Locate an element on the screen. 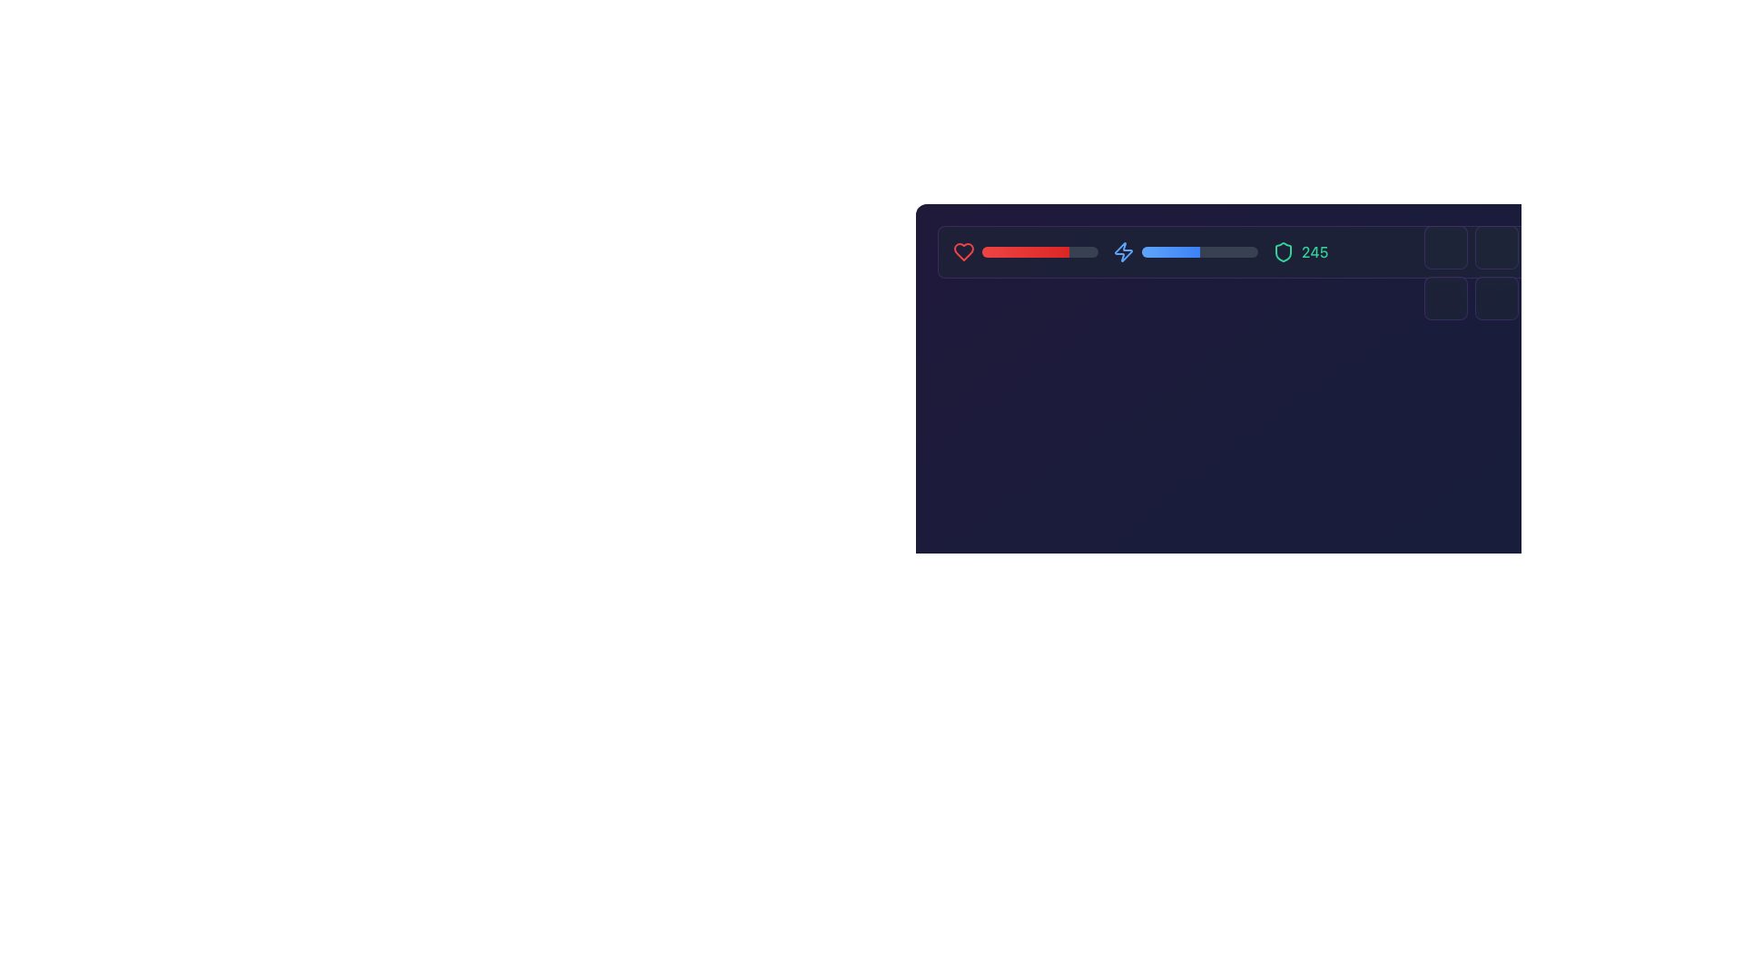 This screenshot has width=1743, height=980. the health bar value is located at coordinates (1035, 251).